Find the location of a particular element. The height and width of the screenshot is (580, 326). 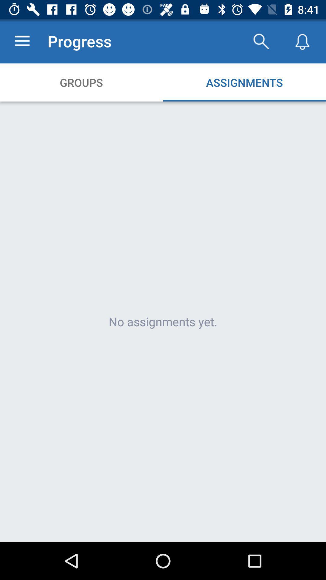

icon to the left of progress is located at coordinates (22, 41).